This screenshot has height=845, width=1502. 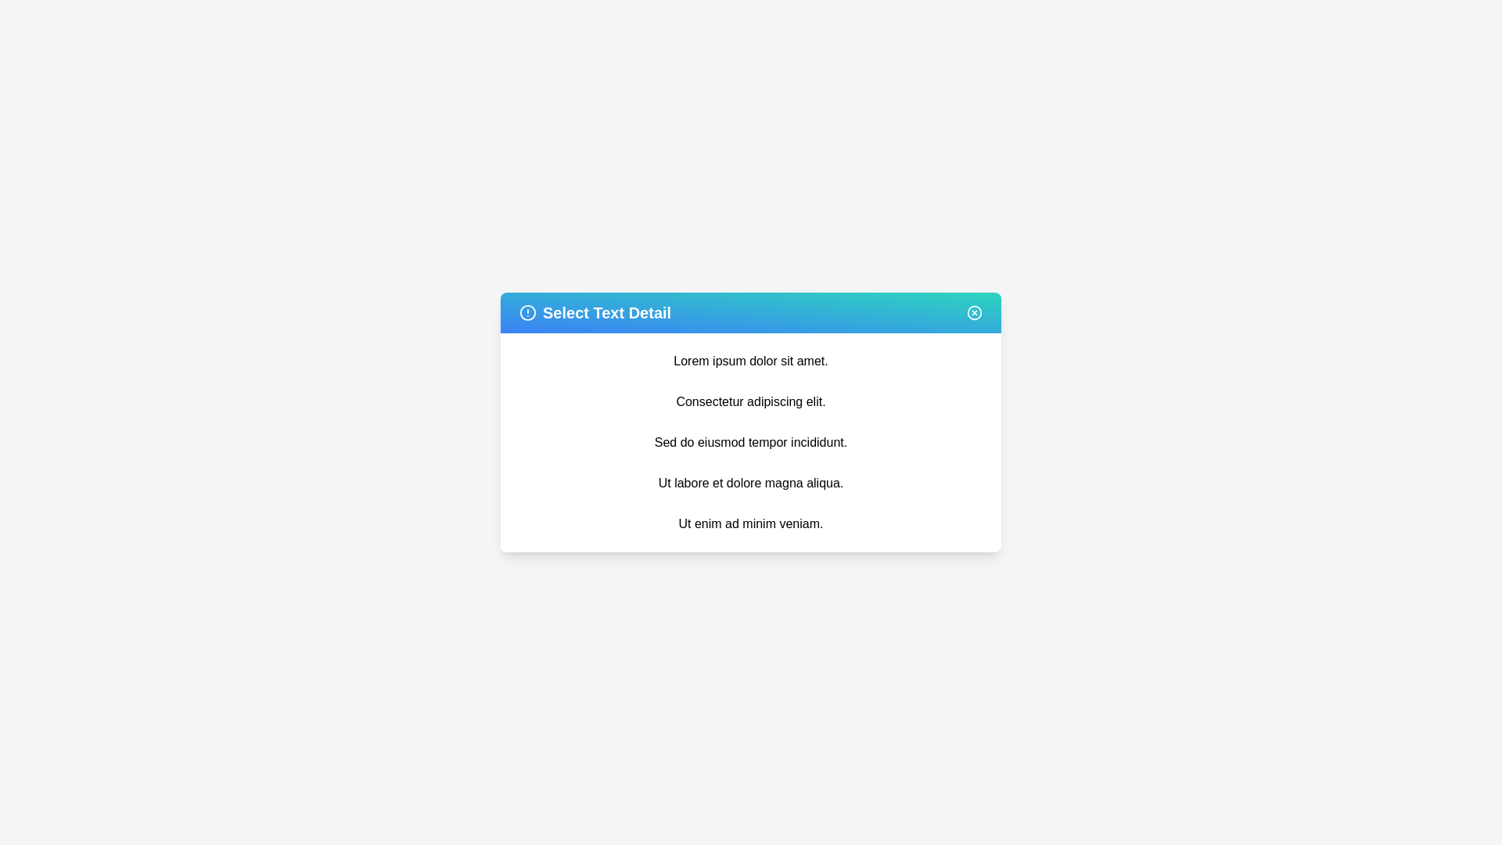 What do you see at coordinates (751, 443) in the screenshot?
I see `the text item 'Sed do eiusmod tempor incididunt.'` at bounding box center [751, 443].